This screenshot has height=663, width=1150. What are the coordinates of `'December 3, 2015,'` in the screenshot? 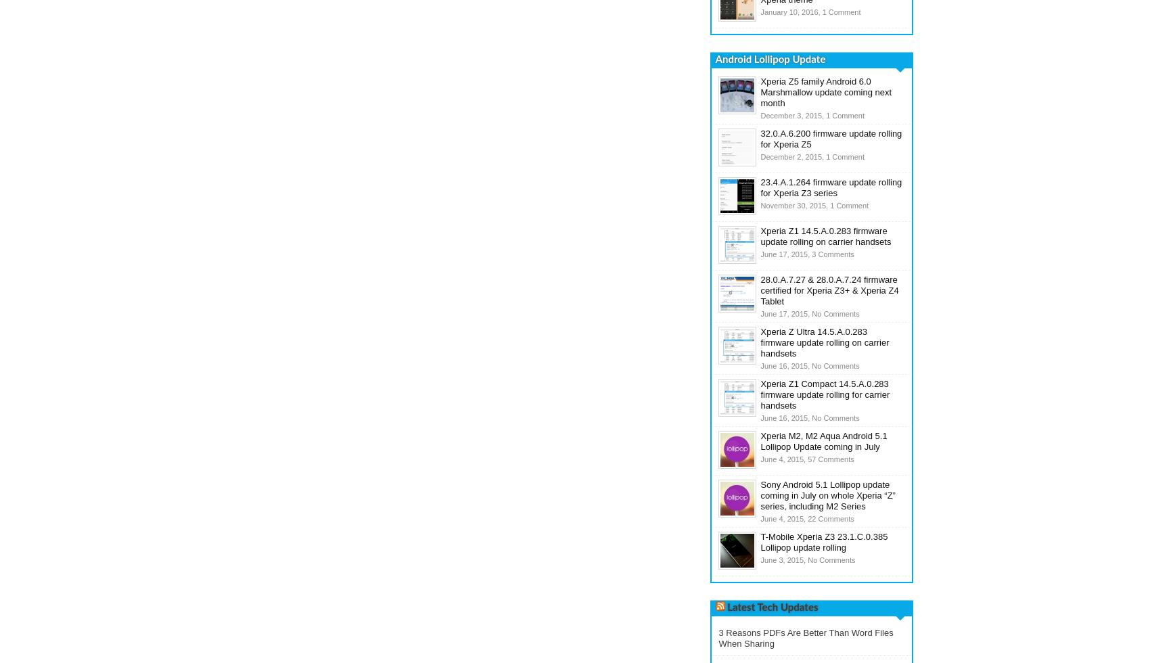 It's located at (792, 116).